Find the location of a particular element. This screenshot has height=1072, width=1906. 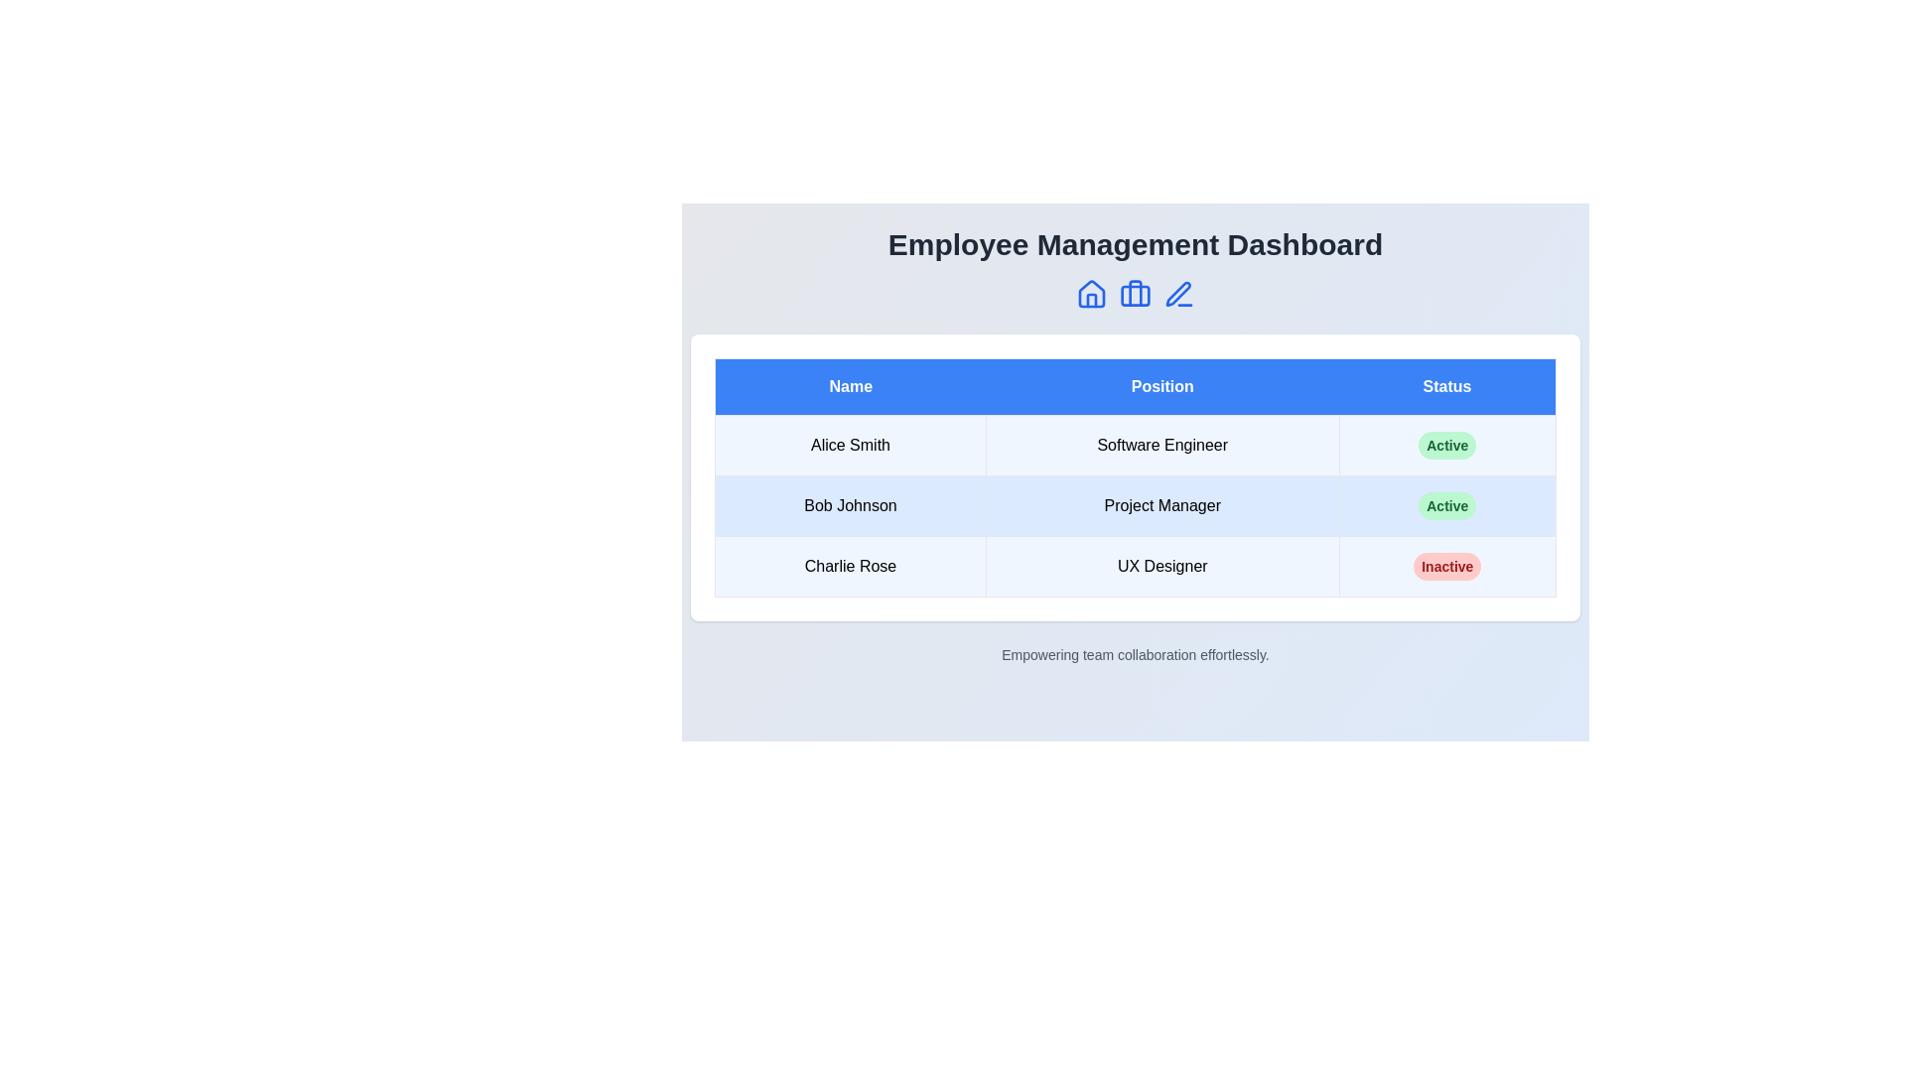

the text label displaying 'Charlie Rose', which is located in the third row under the 'Name' column of the table is located at coordinates (850, 566).